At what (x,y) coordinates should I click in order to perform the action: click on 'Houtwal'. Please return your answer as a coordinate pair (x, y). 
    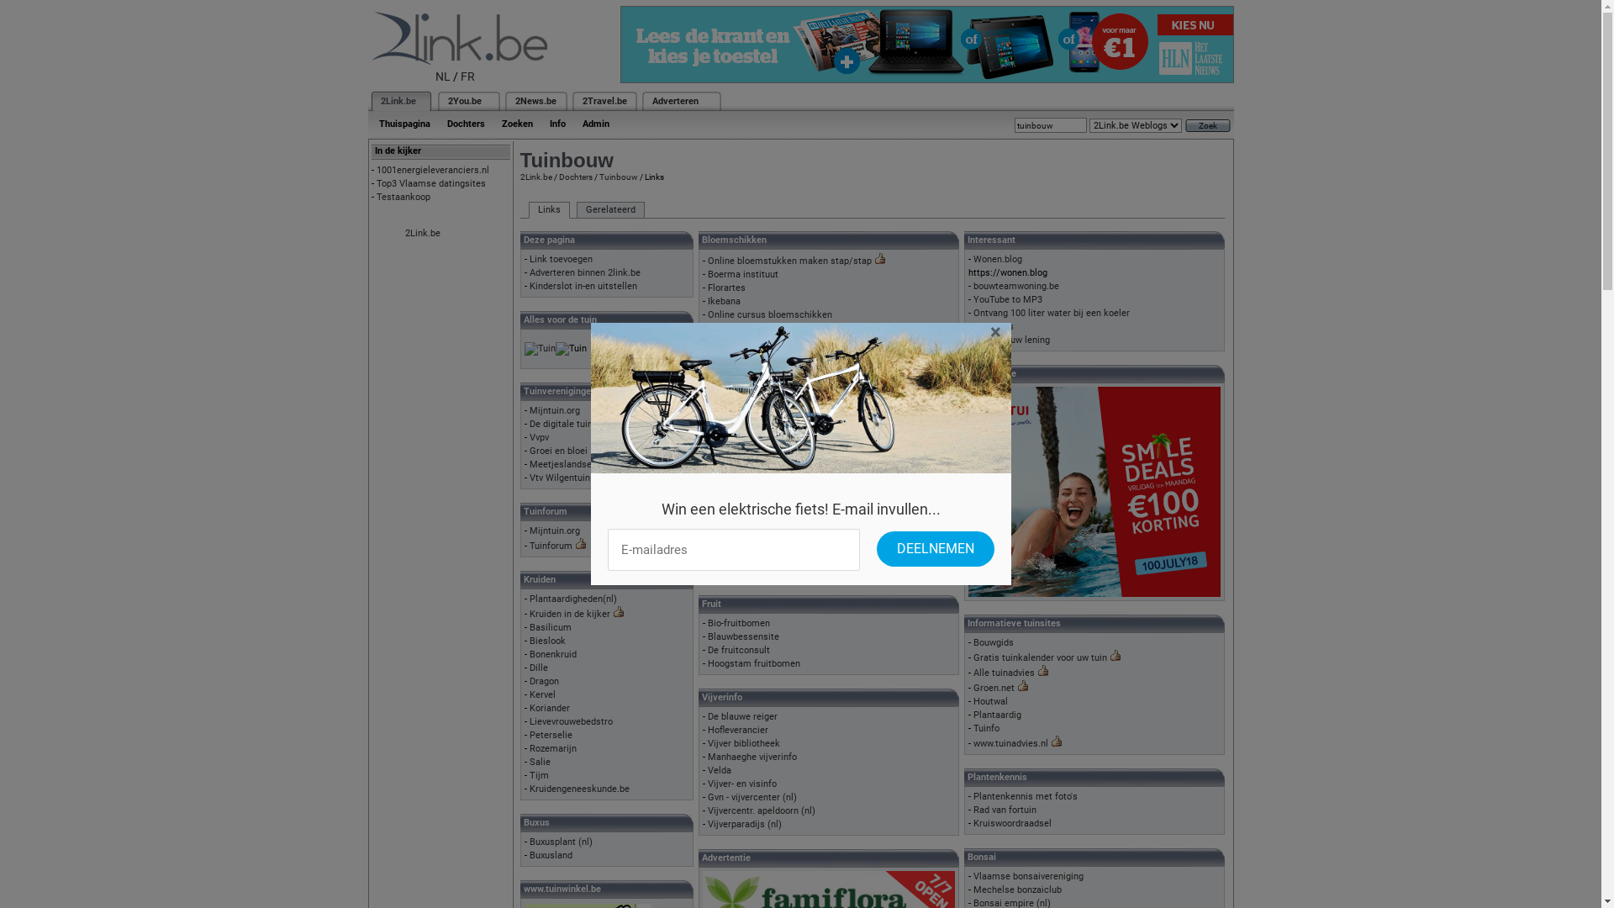
    Looking at the image, I should click on (990, 701).